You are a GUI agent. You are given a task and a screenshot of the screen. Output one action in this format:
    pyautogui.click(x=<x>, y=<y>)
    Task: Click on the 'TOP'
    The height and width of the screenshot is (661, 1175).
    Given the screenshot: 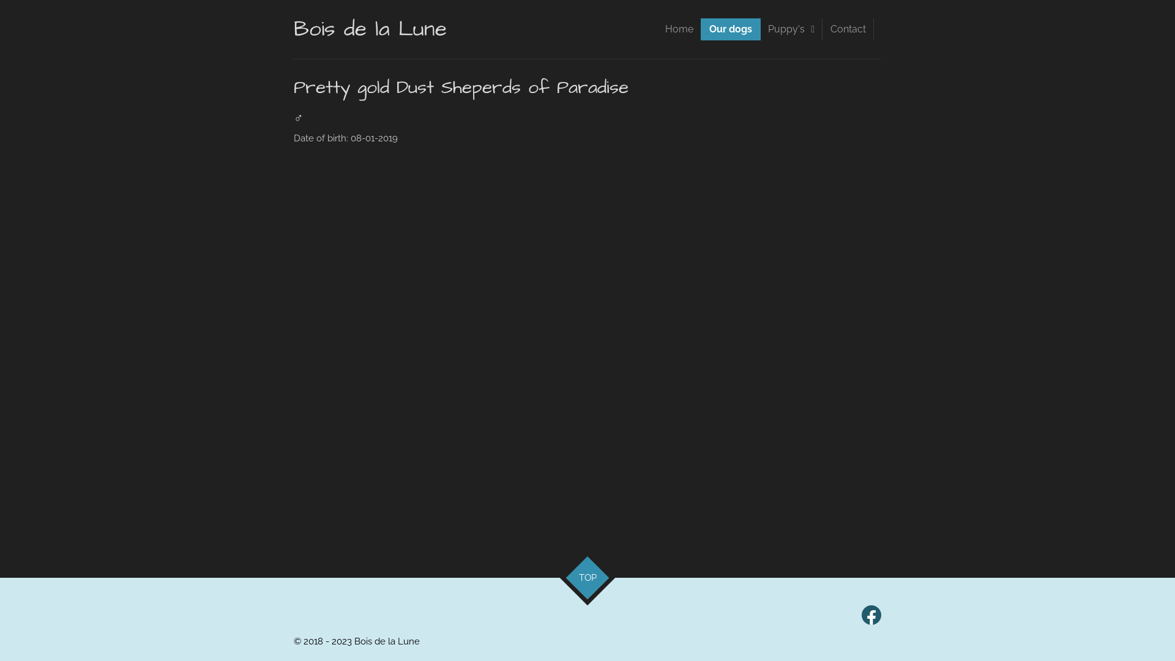 What is the action you would take?
    pyautogui.click(x=581, y=571)
    